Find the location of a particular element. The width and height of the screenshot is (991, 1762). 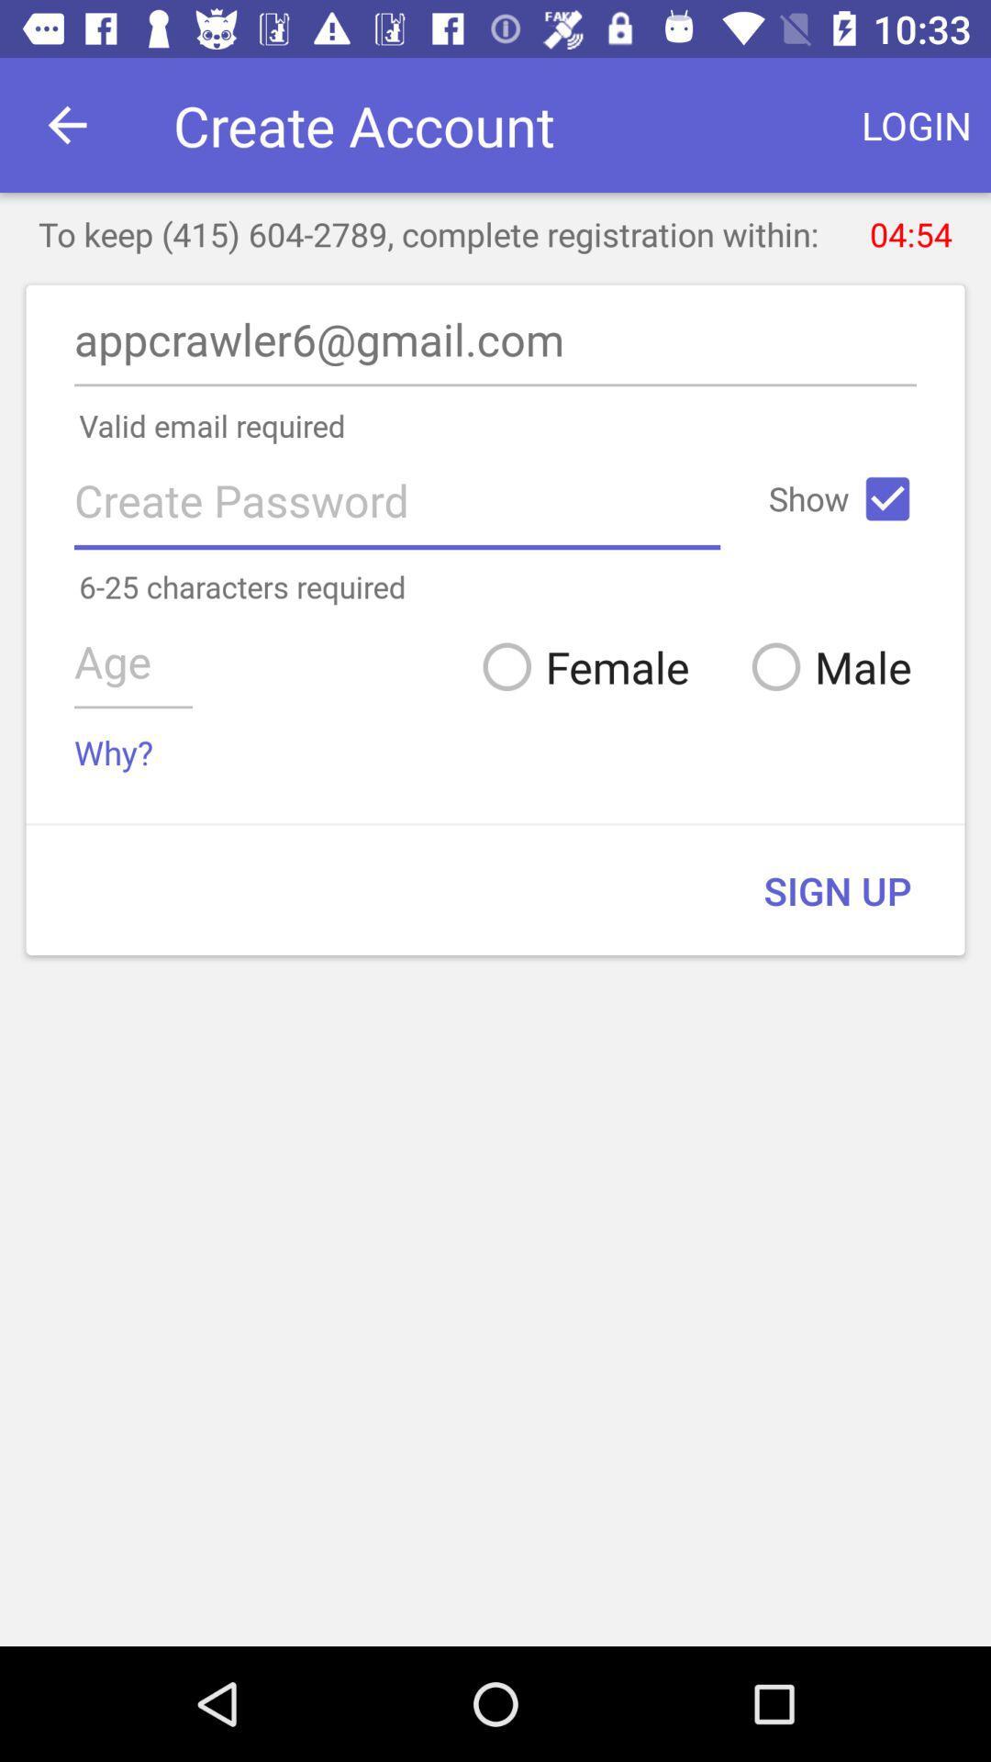

item above to keep 415 is located at coordinates (917, 124).